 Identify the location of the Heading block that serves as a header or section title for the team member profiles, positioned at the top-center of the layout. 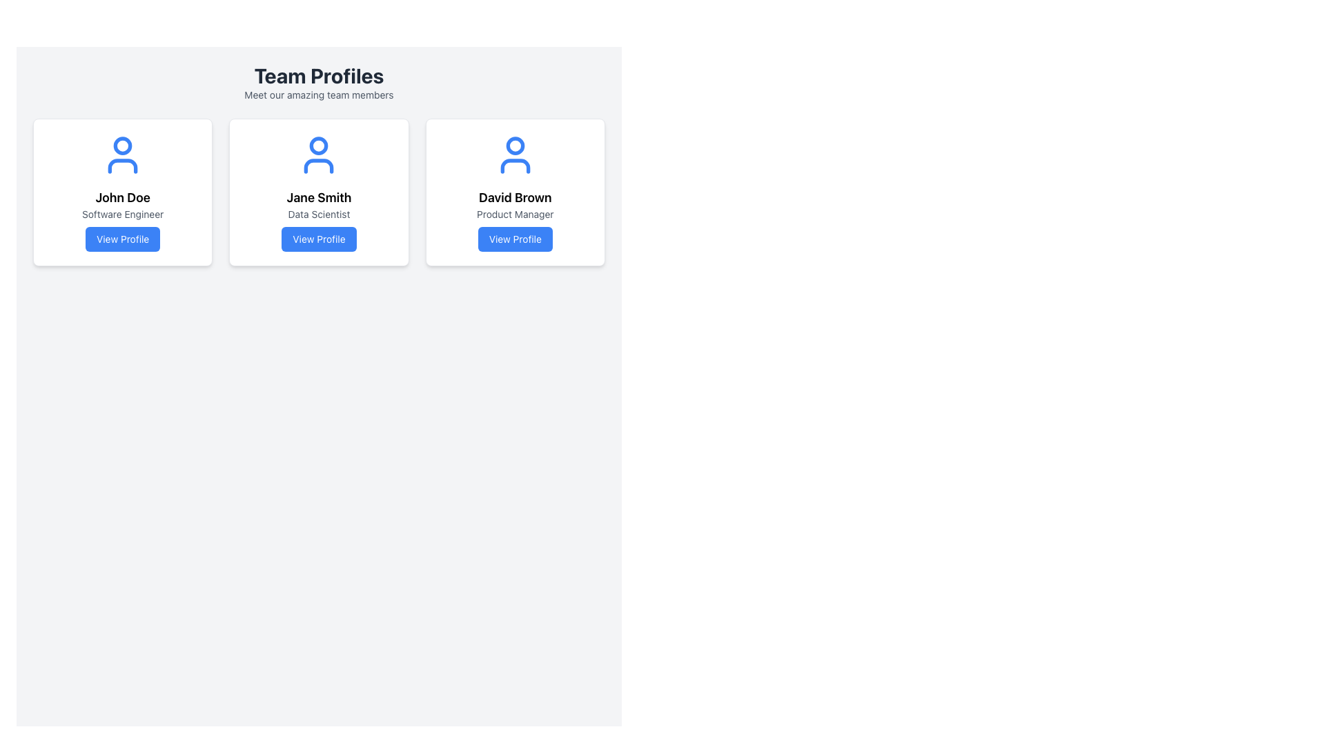
(318, 82).